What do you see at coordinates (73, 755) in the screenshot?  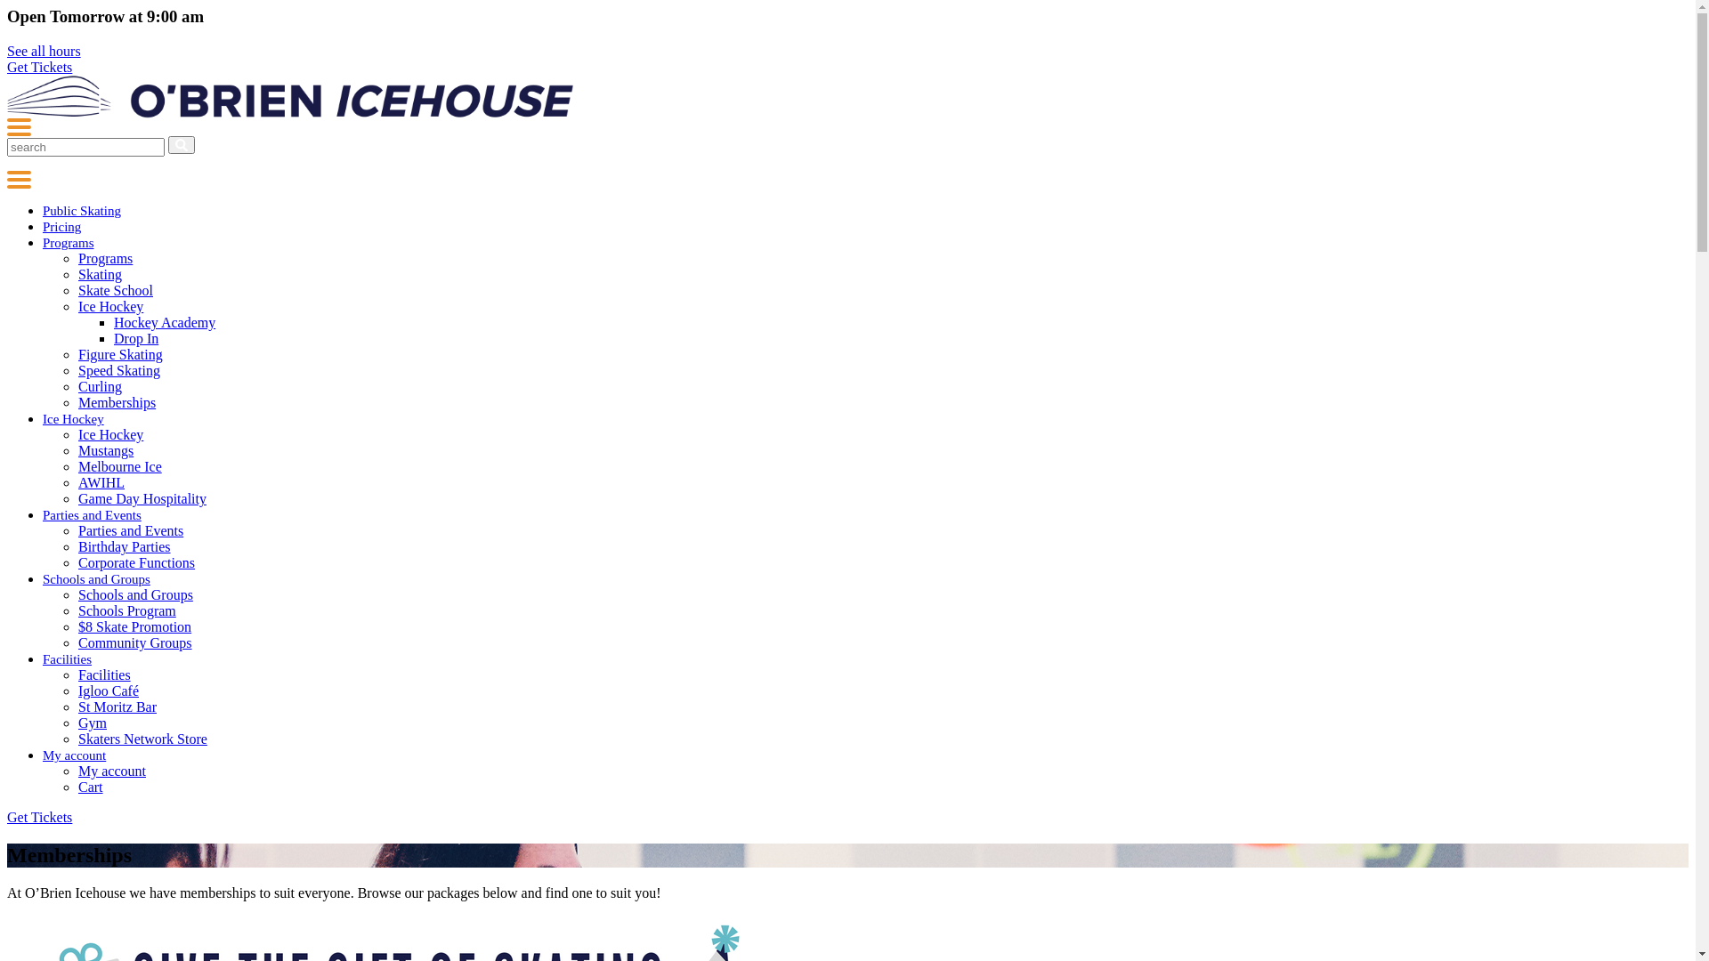 I see `'My account'` at bounding box center [73, 755].